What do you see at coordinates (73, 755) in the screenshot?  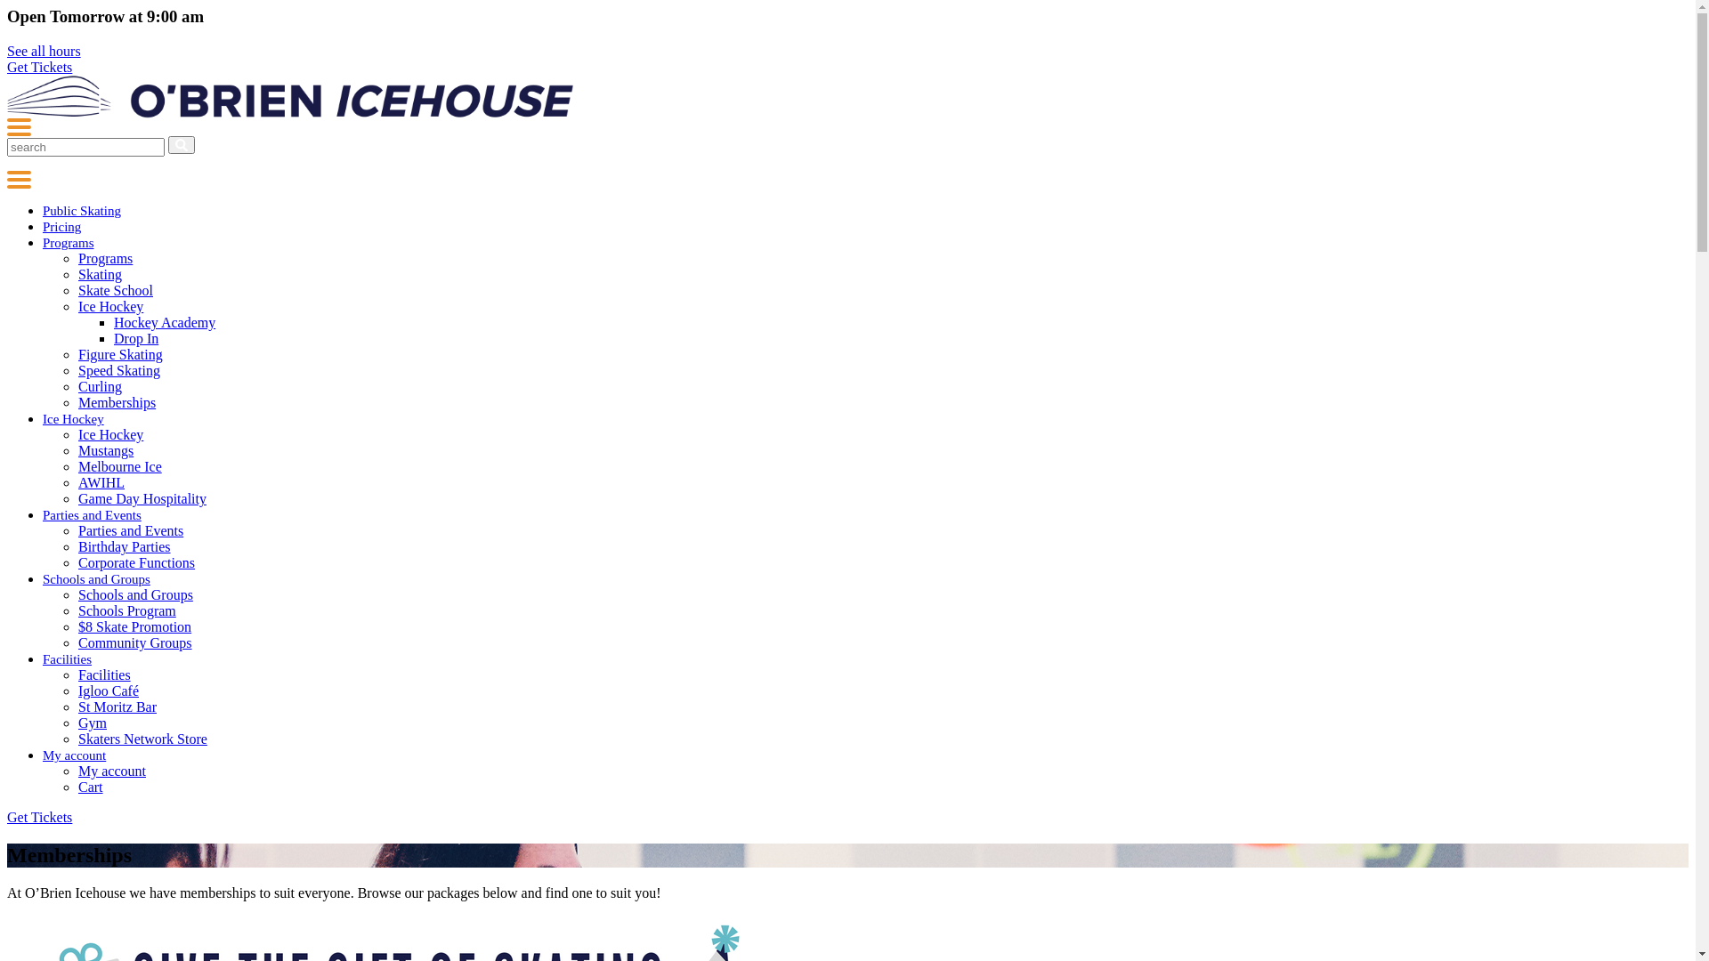 I see `'My account'` at bounding box center [73, 755].